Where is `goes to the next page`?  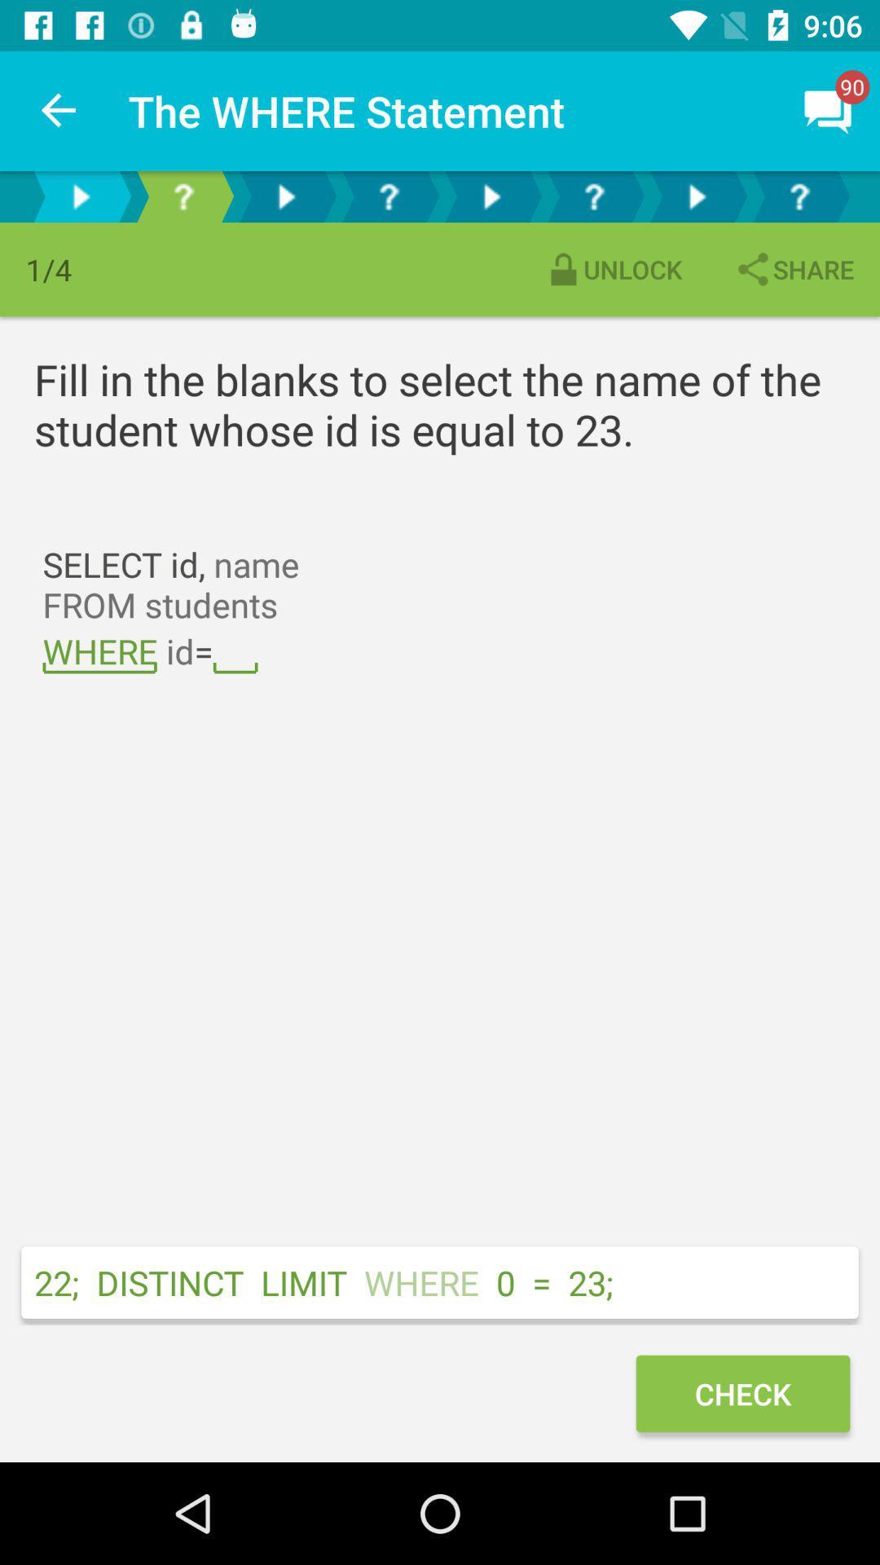
goes to the next page is located at coordinates (697, 196).